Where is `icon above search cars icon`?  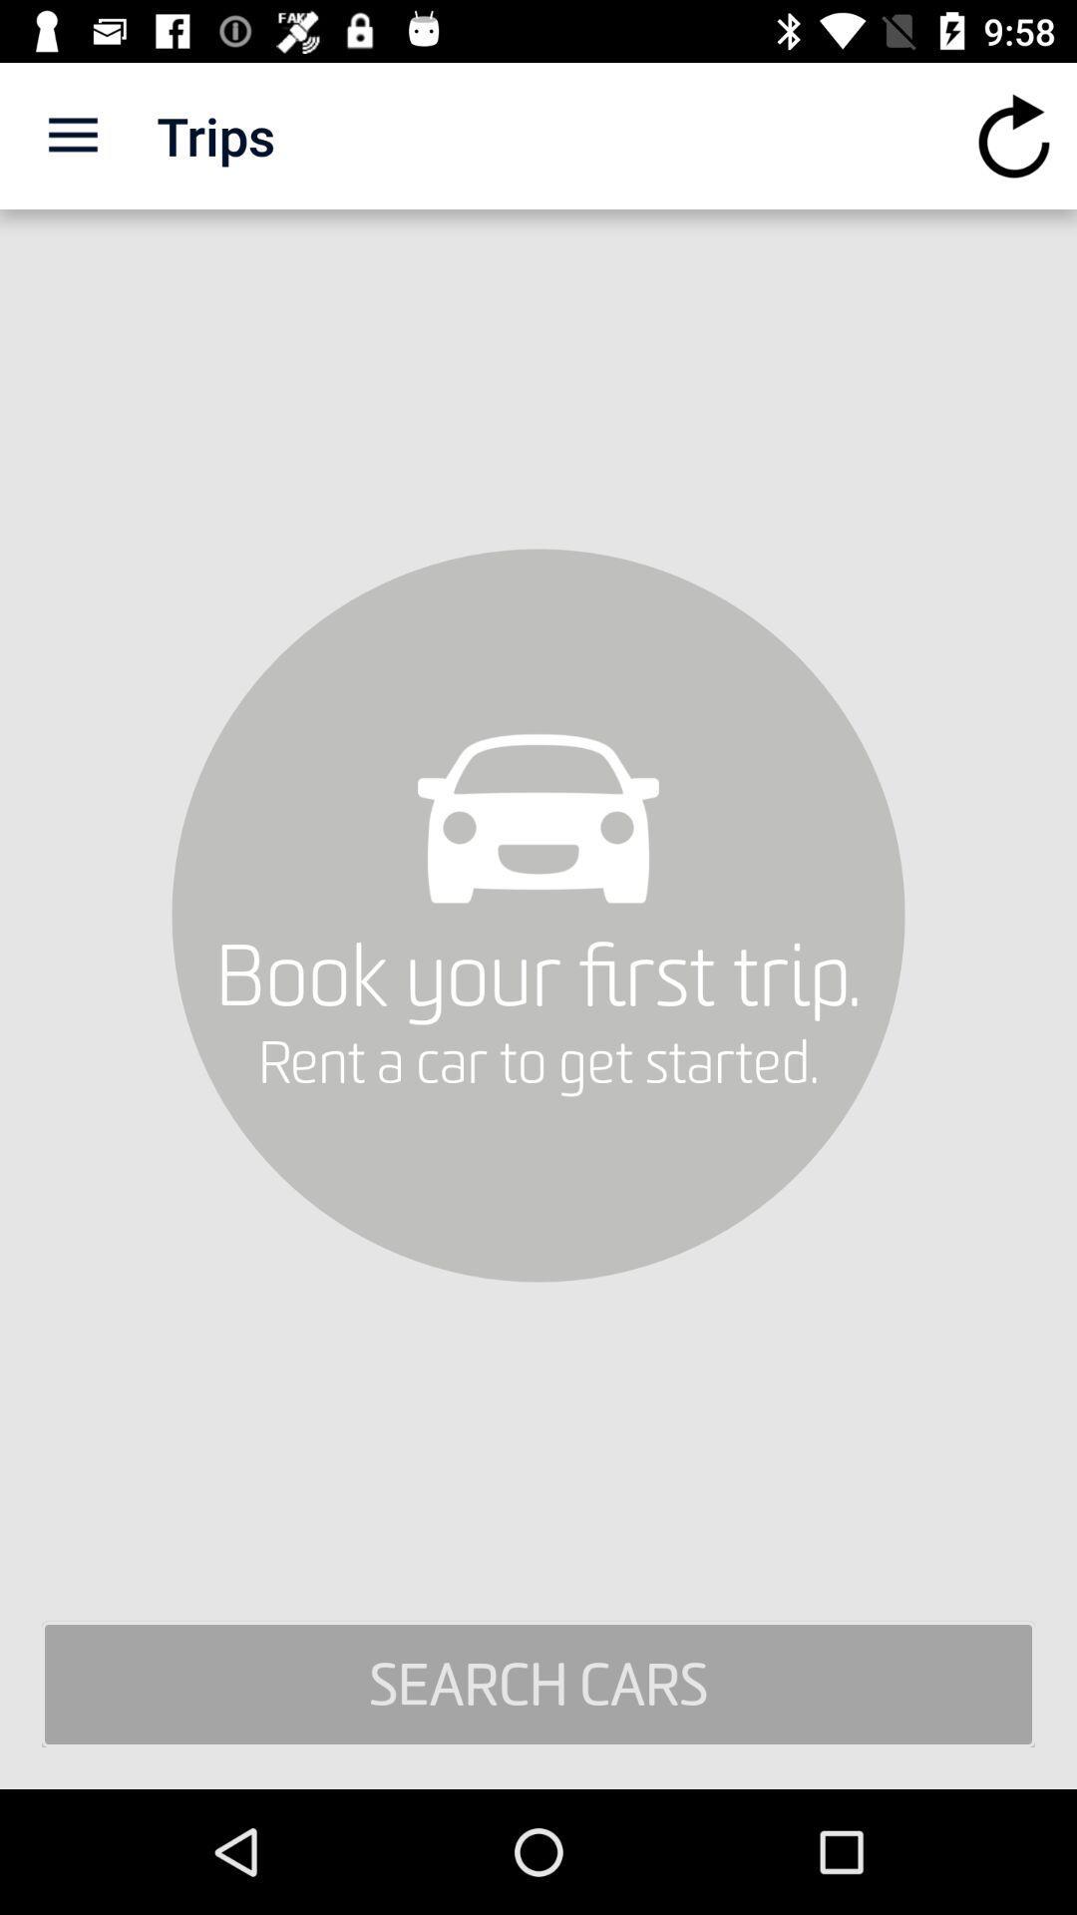
icon above search cars icon is located at coordinates (72, 135).